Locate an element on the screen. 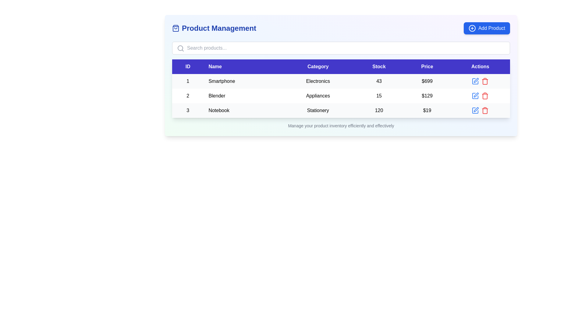 This screenshot has width=585, height=329. the 'Category' header label in the table, which is the third label in the sequence of horizontal labels including 'ID', 'Name', 'Category', 'Stock', 'Price', and 'Actions' is located at coordinates (317, 67).